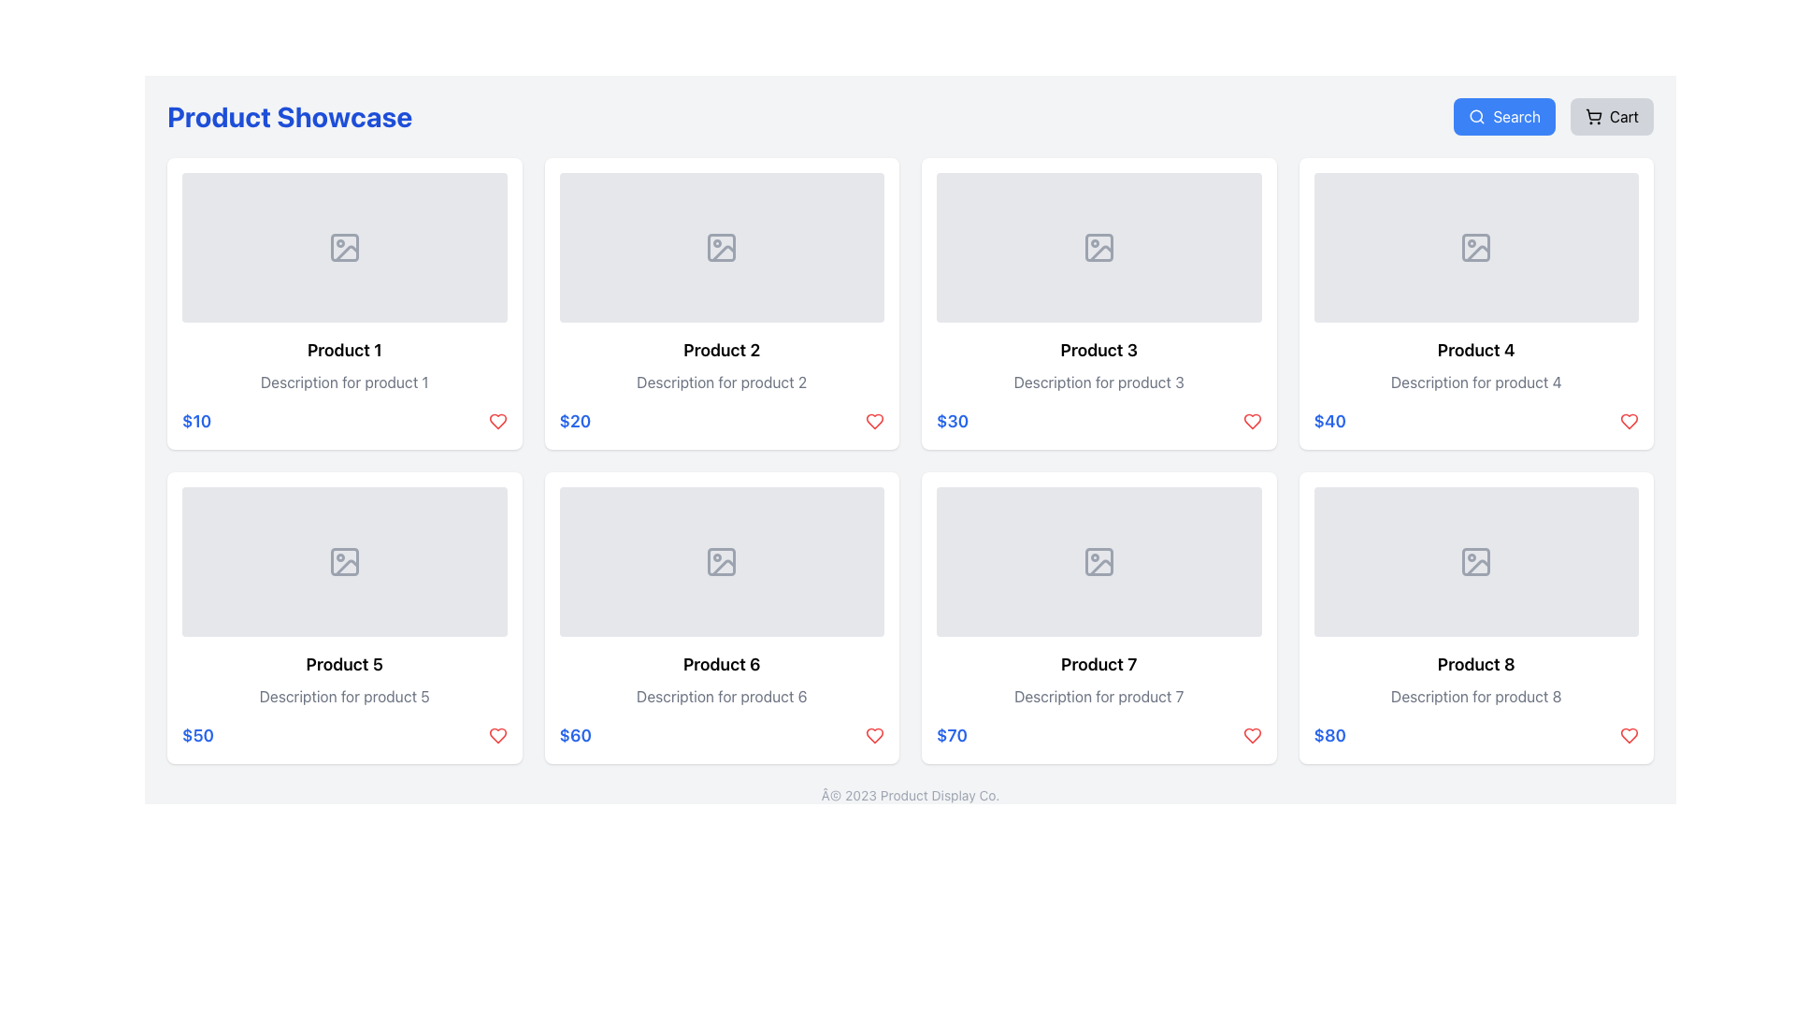 The width and height of the screenshot is (1795, 1010). I want to click on the Card UI component for the product located in the second row and second column of the grid, which displays product information including image, name, description, and price, so click(721, 617).